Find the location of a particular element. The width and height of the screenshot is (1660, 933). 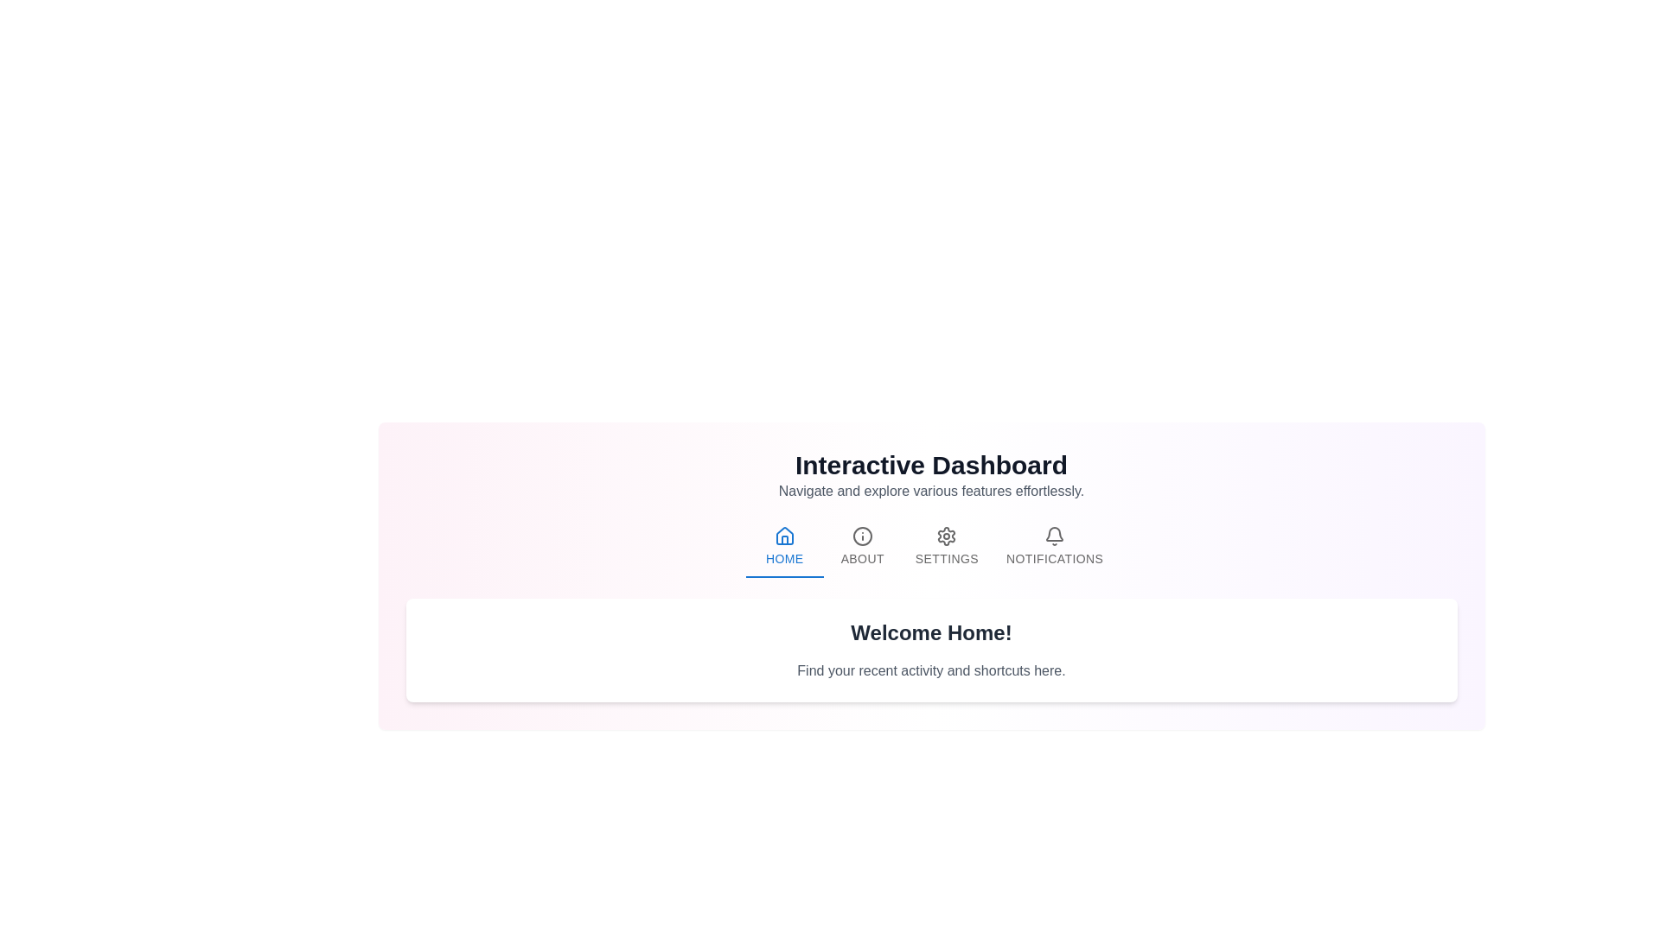

the Notifications icon in the navigation bar is located at coordinates (1054, 536).